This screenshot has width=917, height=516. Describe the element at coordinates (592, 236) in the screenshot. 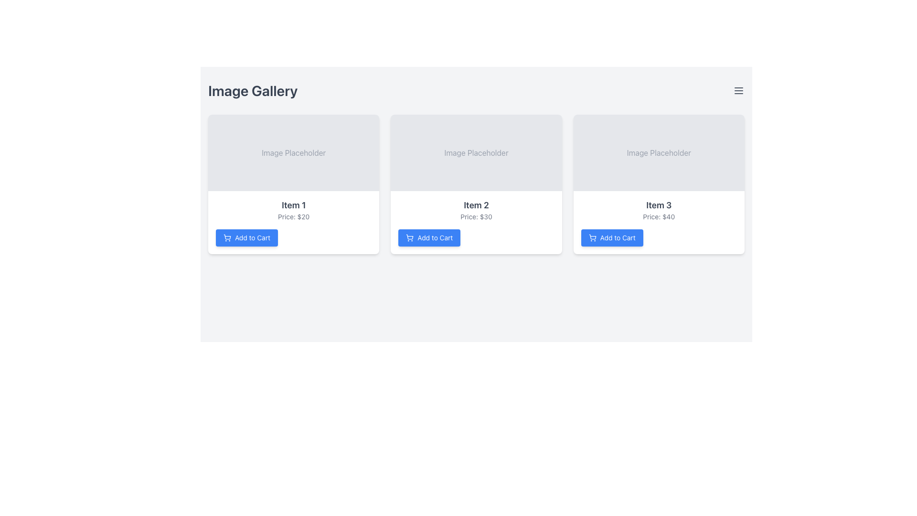

I see `the blue 'Add to Cart' button located within the third item card, which graphically represents adding an item to the shopping cart` at that location.